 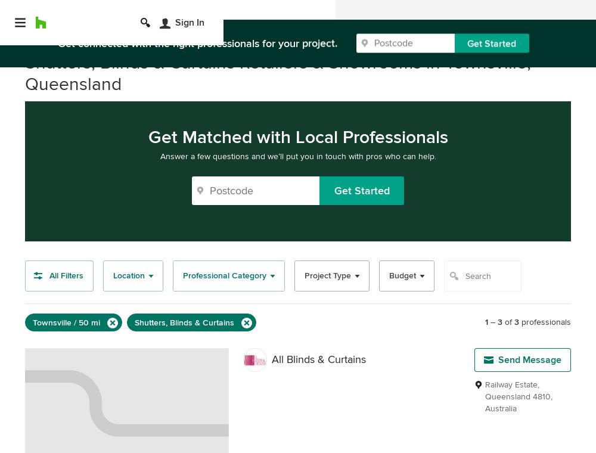 What do you see at coordinates (305, 275) in the screenshot?
I see `'Project Type'` at bounding box center [305, 275].